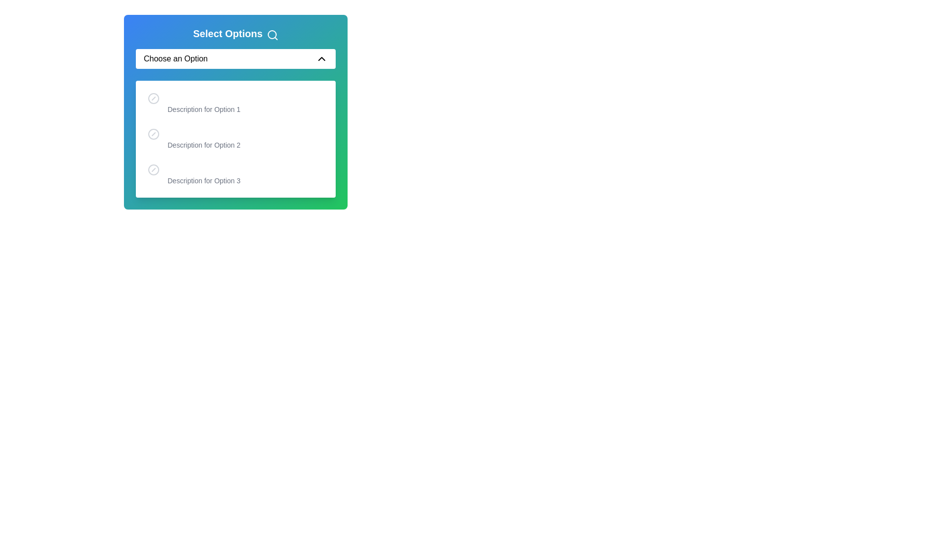 This screenshot has width=952, height=535. Describe the element at coordinates (153, 98) in the screenshot. I see `the unfilled Circle icon located in the first list item, aligned to the left of the text label 'Description for Option 1'` at that location.